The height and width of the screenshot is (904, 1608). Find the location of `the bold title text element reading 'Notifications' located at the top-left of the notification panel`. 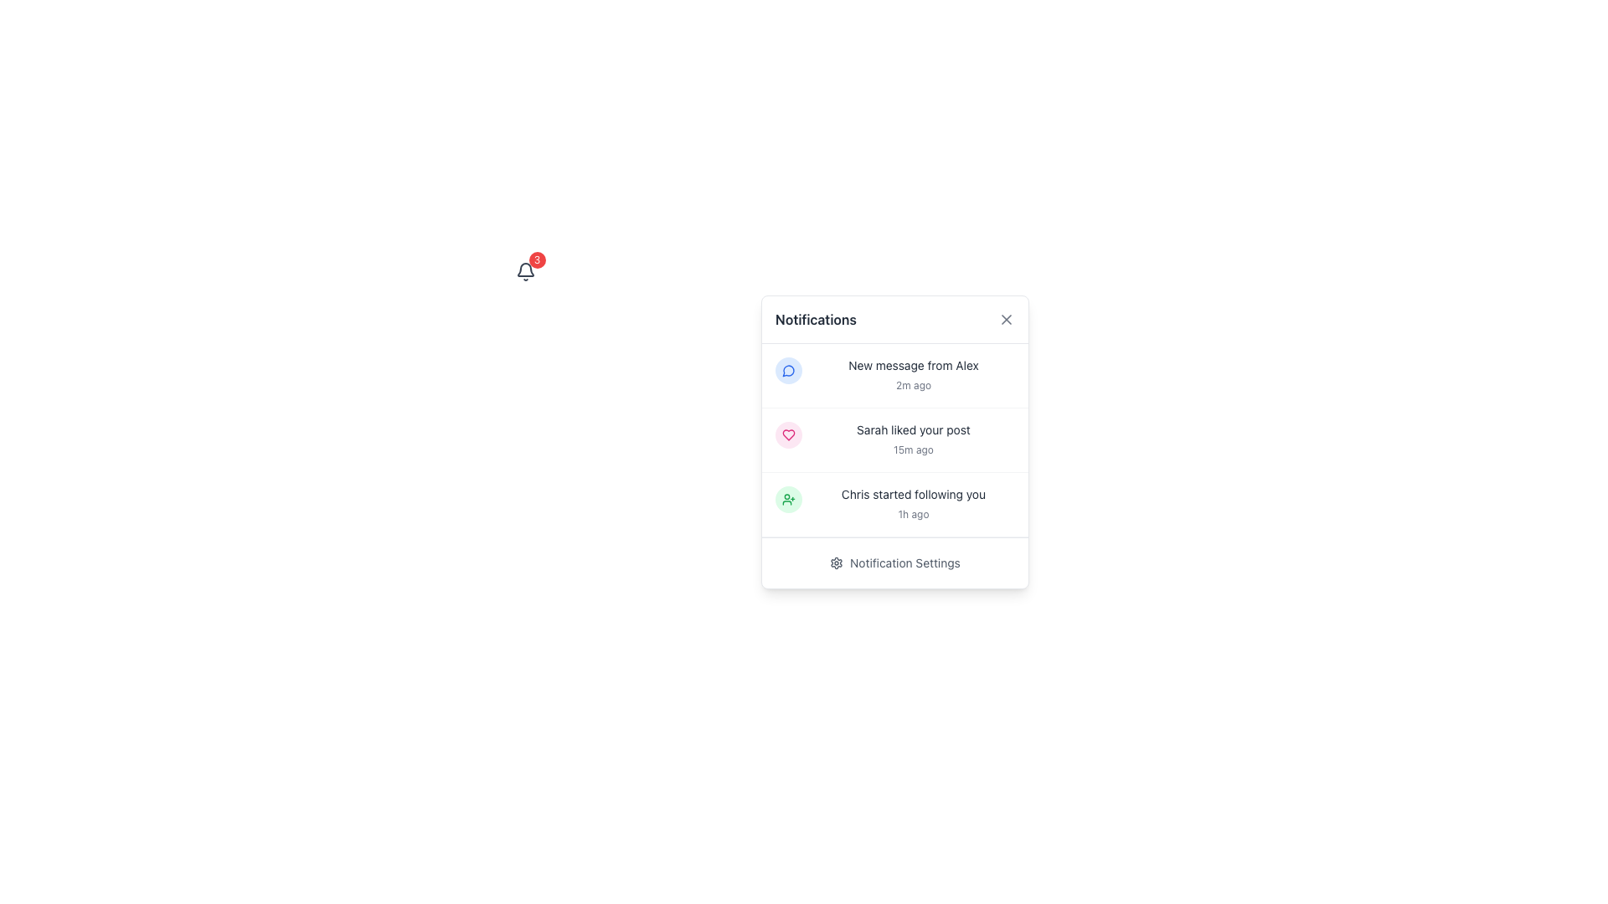

the bold title text element reading 'Notifications' located at the top-left of the notification panel is located at coordinates (816, 319).